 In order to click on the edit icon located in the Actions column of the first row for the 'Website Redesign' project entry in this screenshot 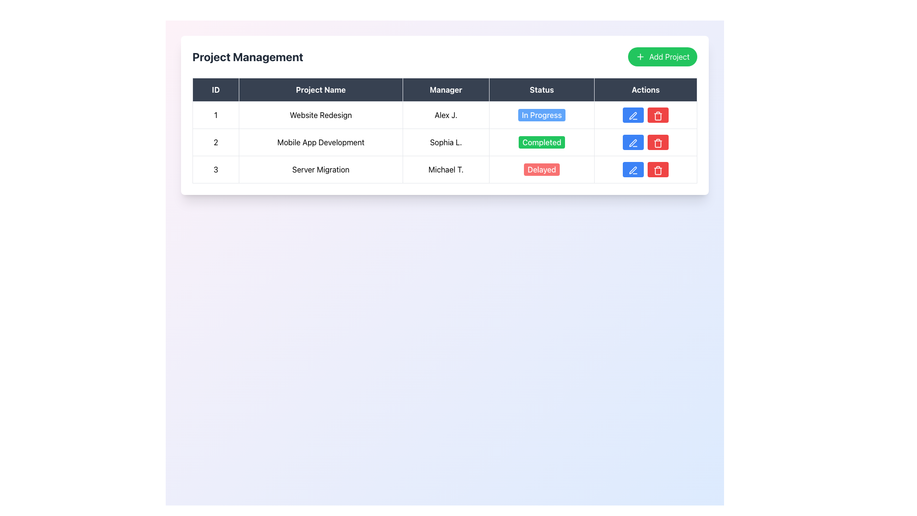, I will do `click(632, 115)`.